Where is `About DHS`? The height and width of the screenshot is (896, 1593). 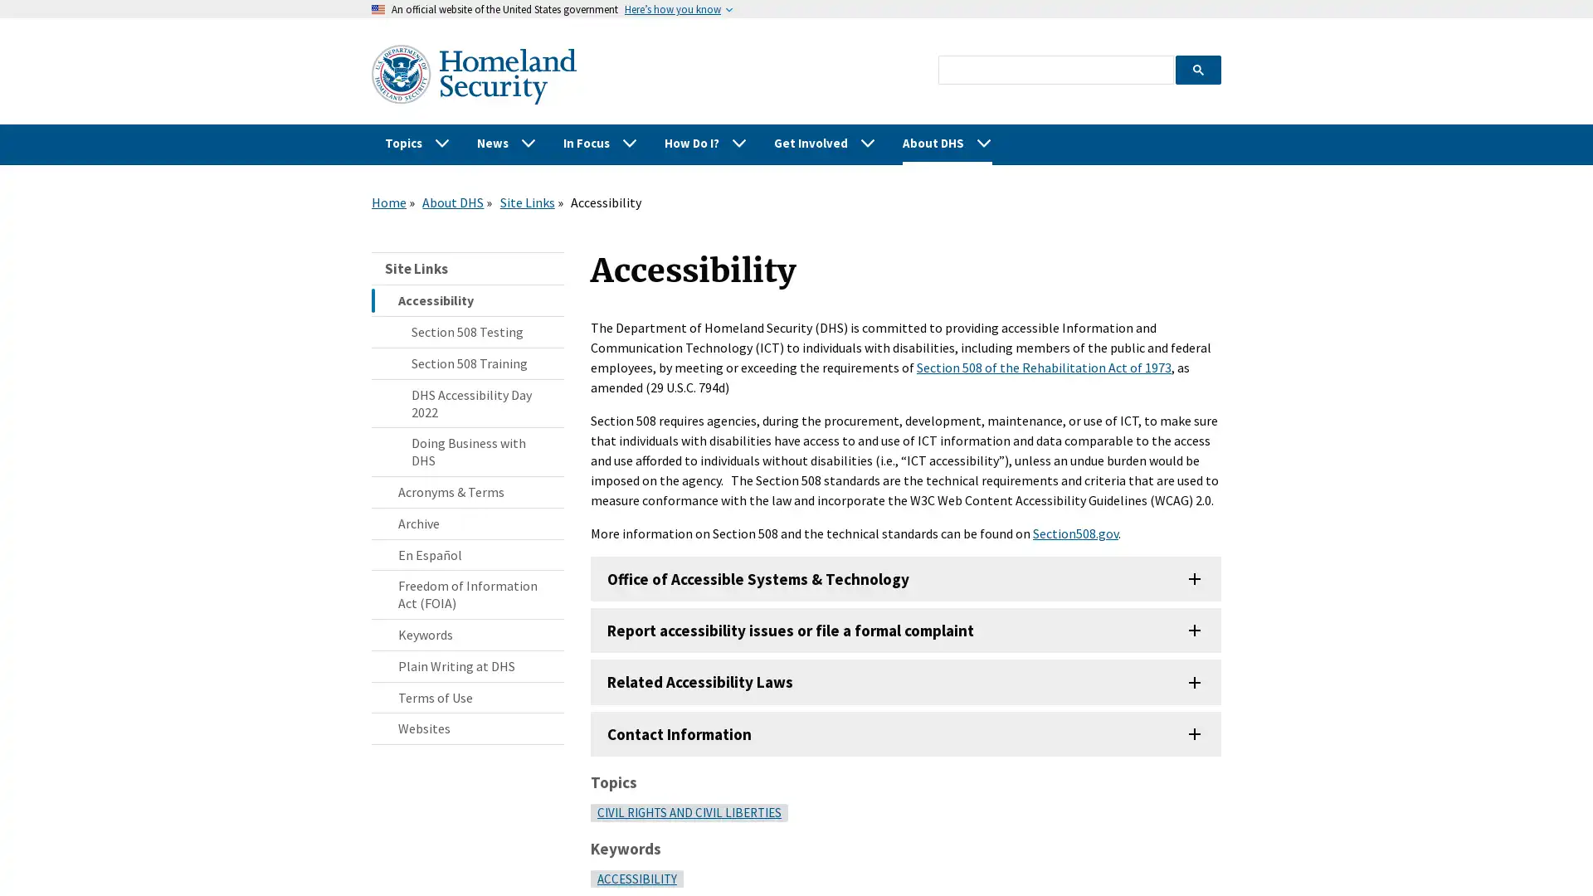 About DHS is located at coordinates (948, 142).